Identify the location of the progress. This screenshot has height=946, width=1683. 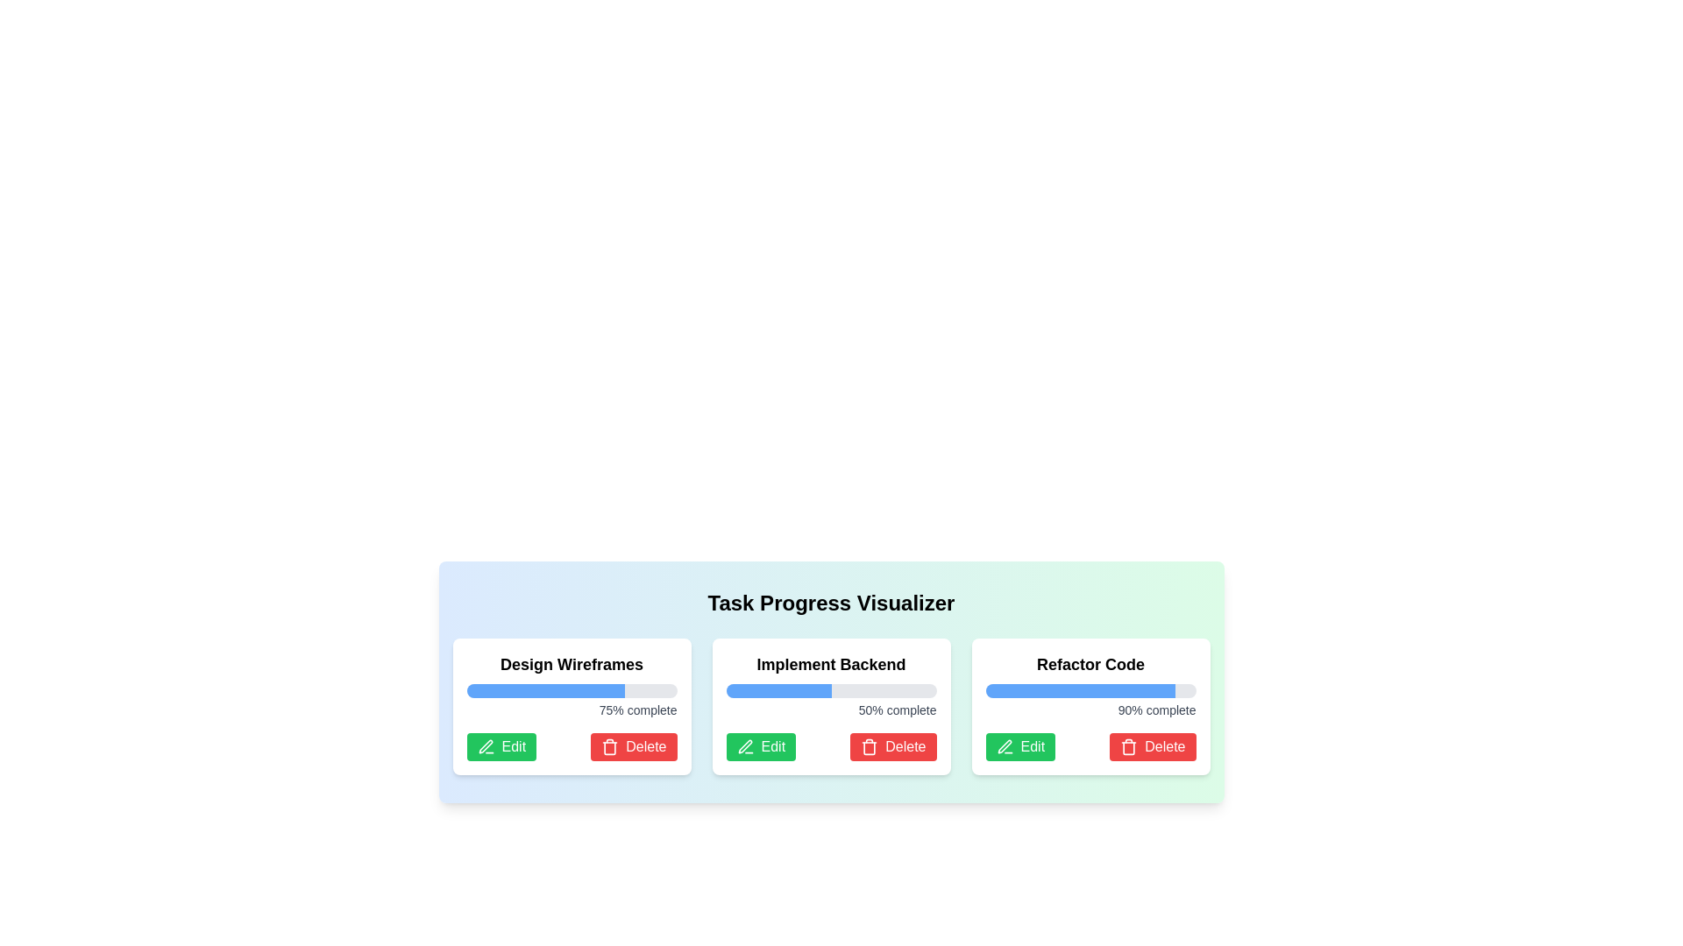
(1060, 690).